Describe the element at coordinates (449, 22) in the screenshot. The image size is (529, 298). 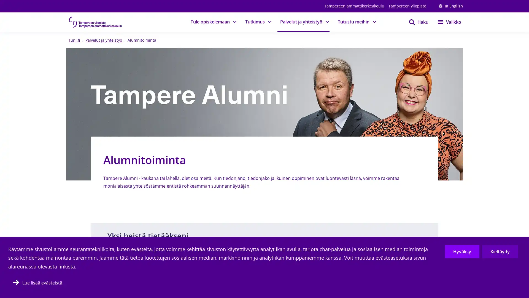
I see `Valikko` at that location.